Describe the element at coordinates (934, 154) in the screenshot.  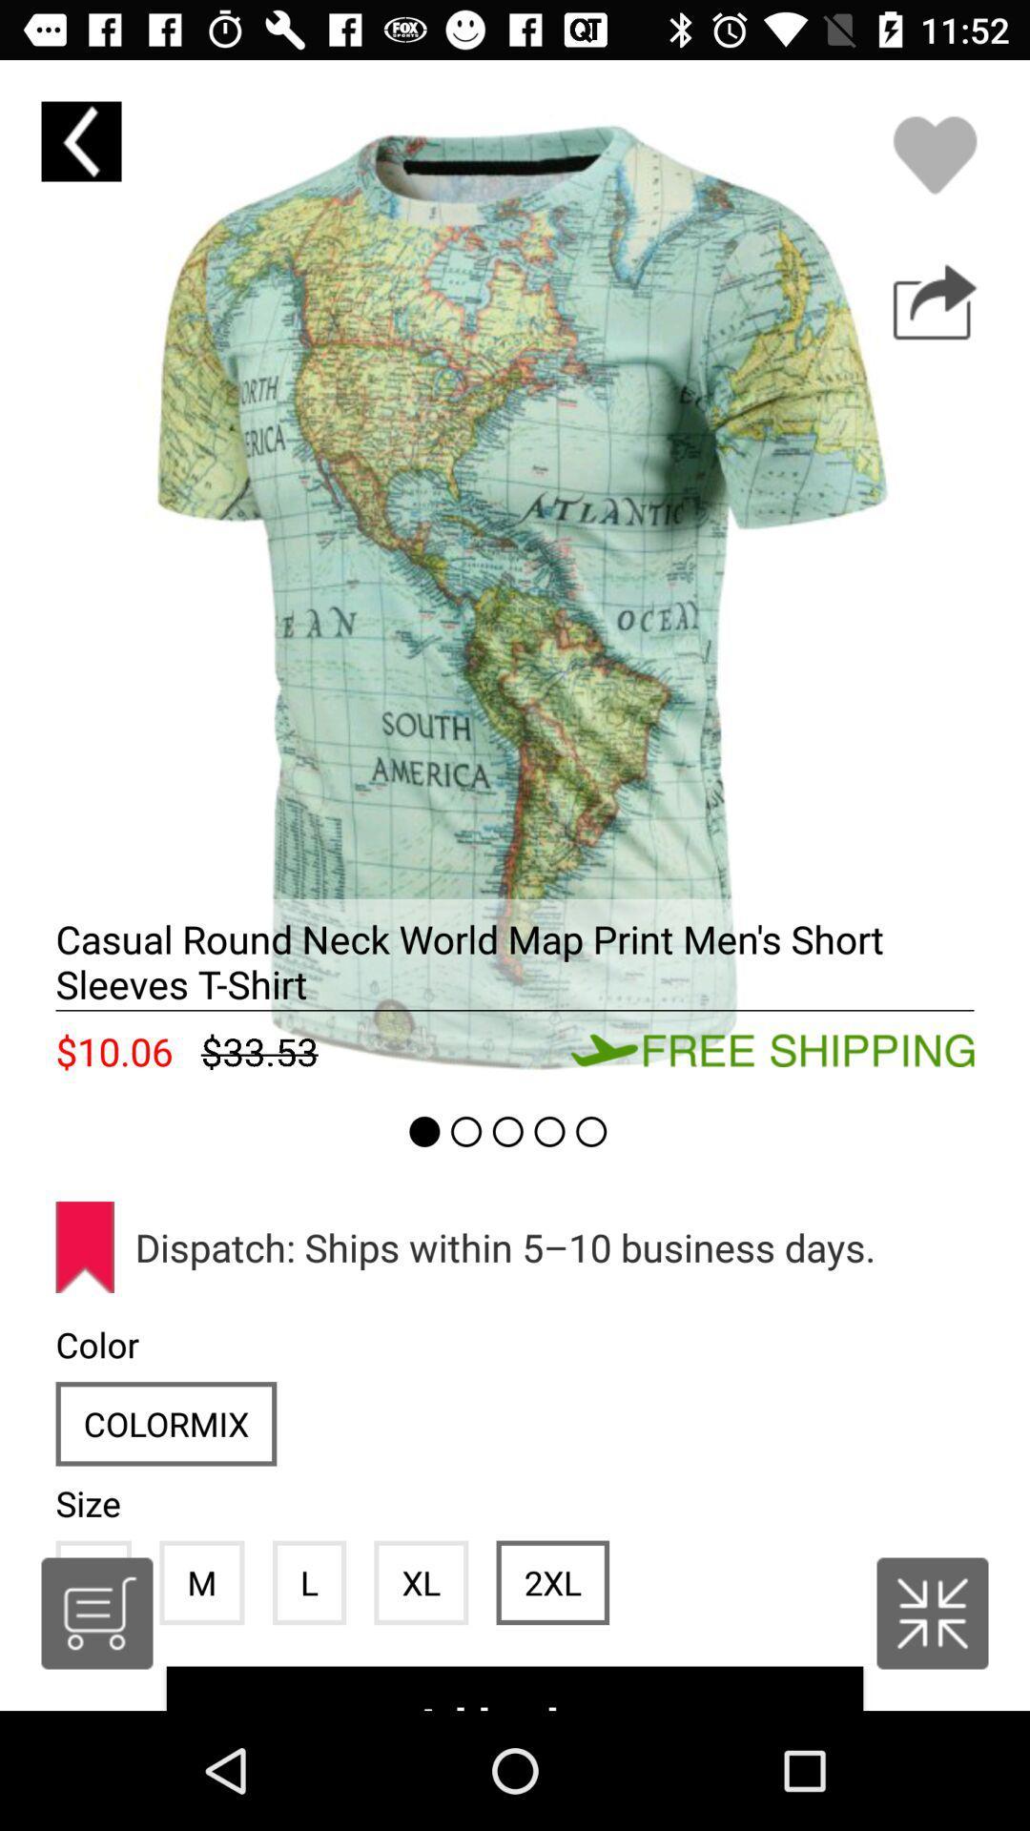
I see `the favorite icon` at that location.